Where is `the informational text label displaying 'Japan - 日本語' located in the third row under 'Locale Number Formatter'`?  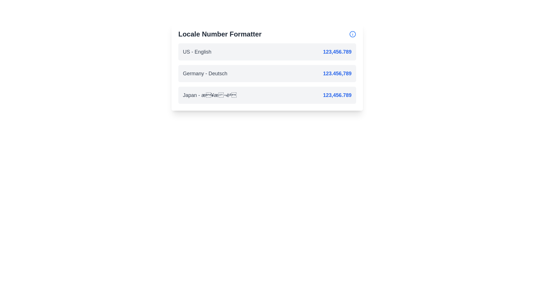 the informational text label displaying 'Japan - 日本語' located in the third row under 'Locale Number Formatter' is located at coordinates (209, 95).